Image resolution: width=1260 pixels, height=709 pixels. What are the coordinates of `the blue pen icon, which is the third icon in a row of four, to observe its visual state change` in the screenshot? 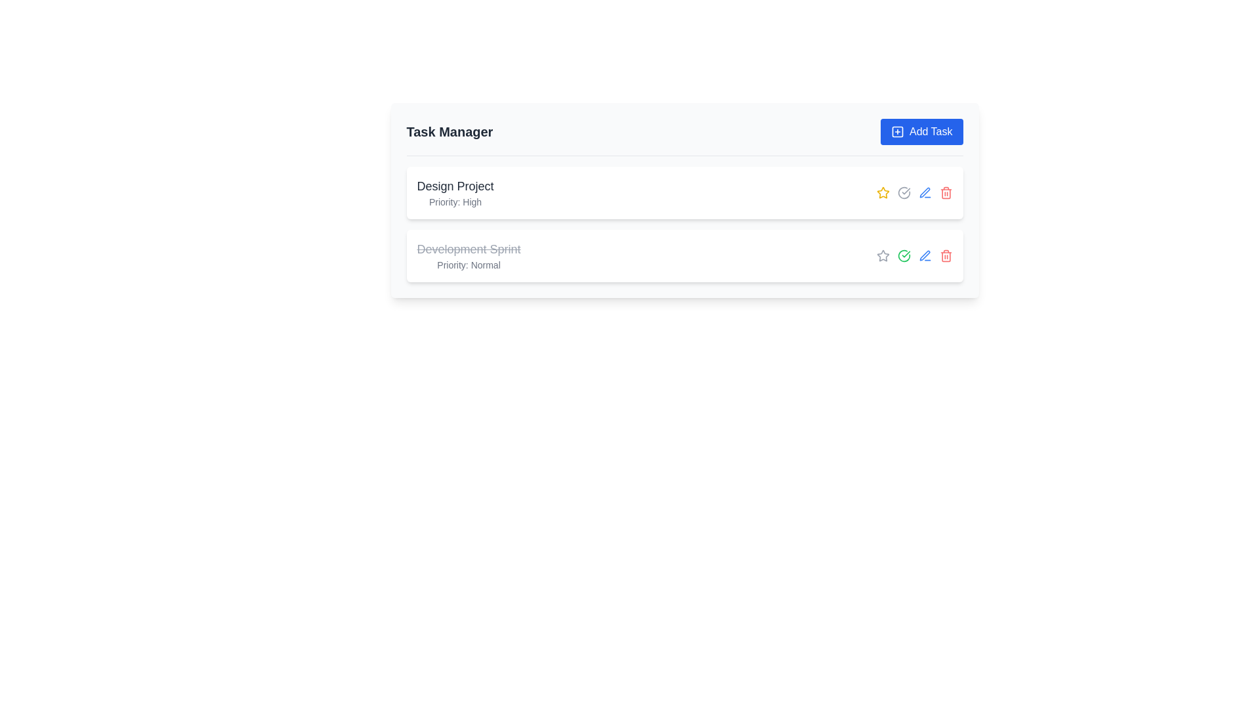 It's located at (924, 255).